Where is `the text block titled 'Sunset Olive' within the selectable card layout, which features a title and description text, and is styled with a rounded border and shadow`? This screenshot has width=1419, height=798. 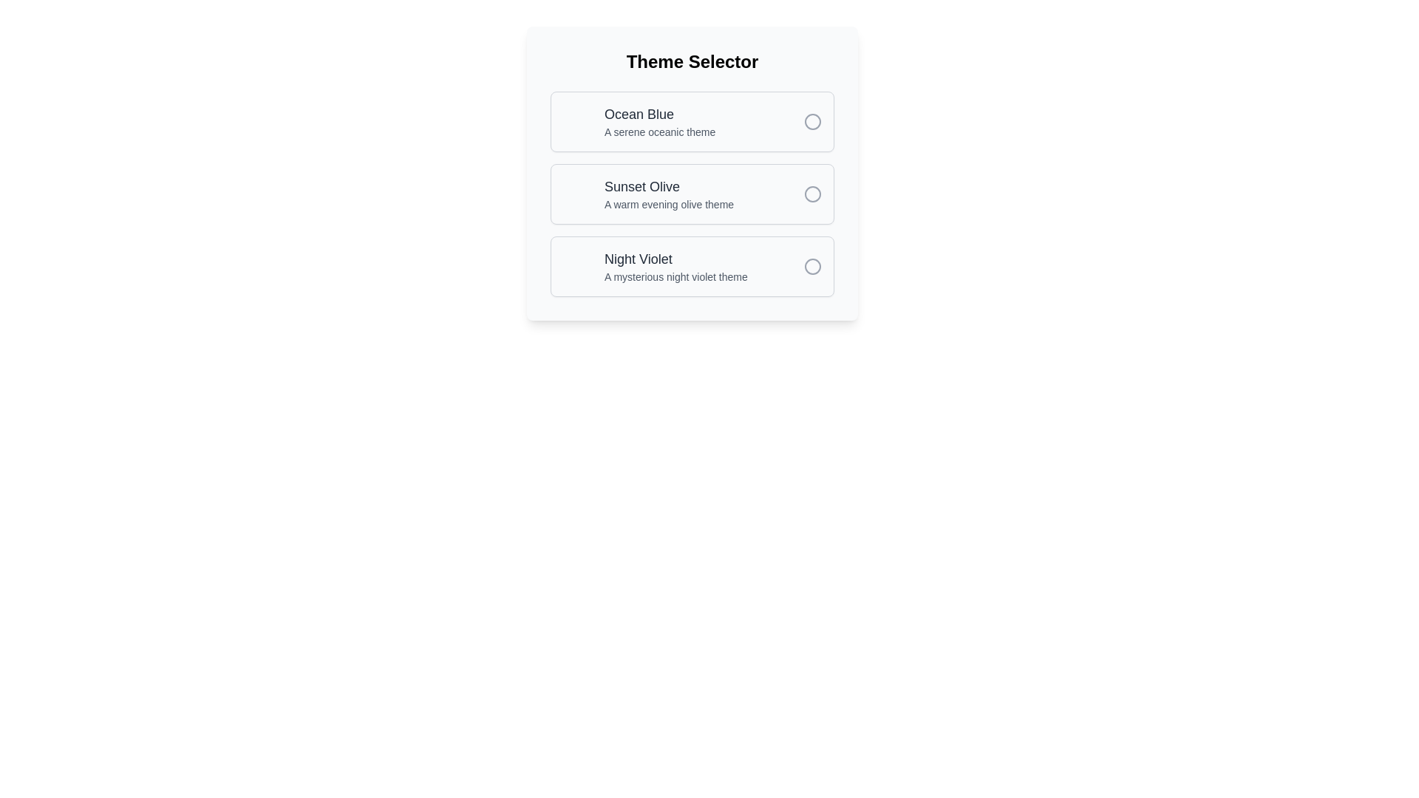 the text block titled 'Sunset Olive' within the selectable card layout, which features a title and description text, and is styled with a rounded border and shadow is located at coordinates (668, 193).